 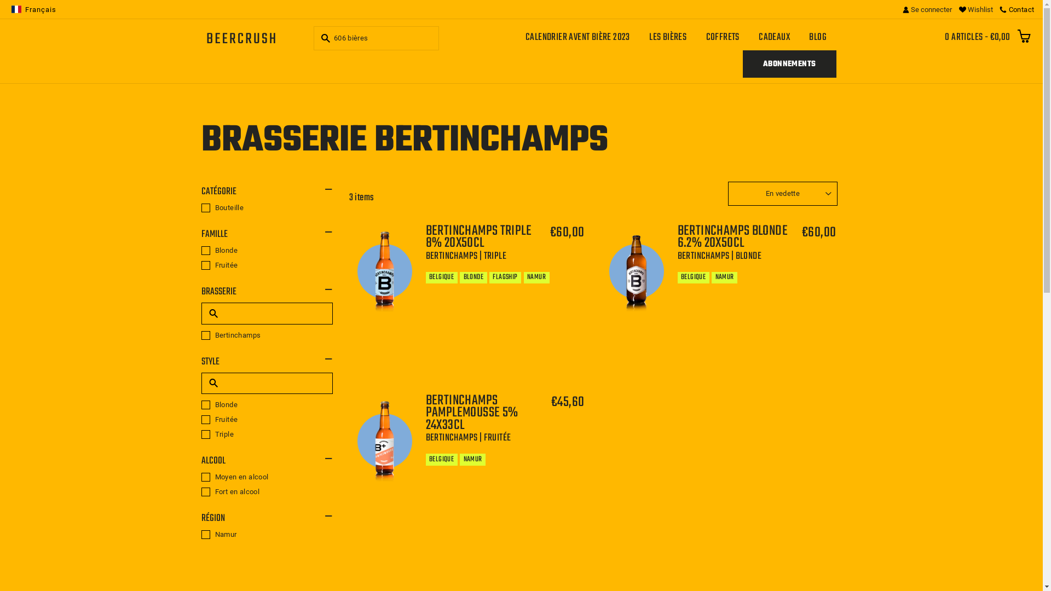 I want to click on 'Recherche', so click(x=323, y=37).